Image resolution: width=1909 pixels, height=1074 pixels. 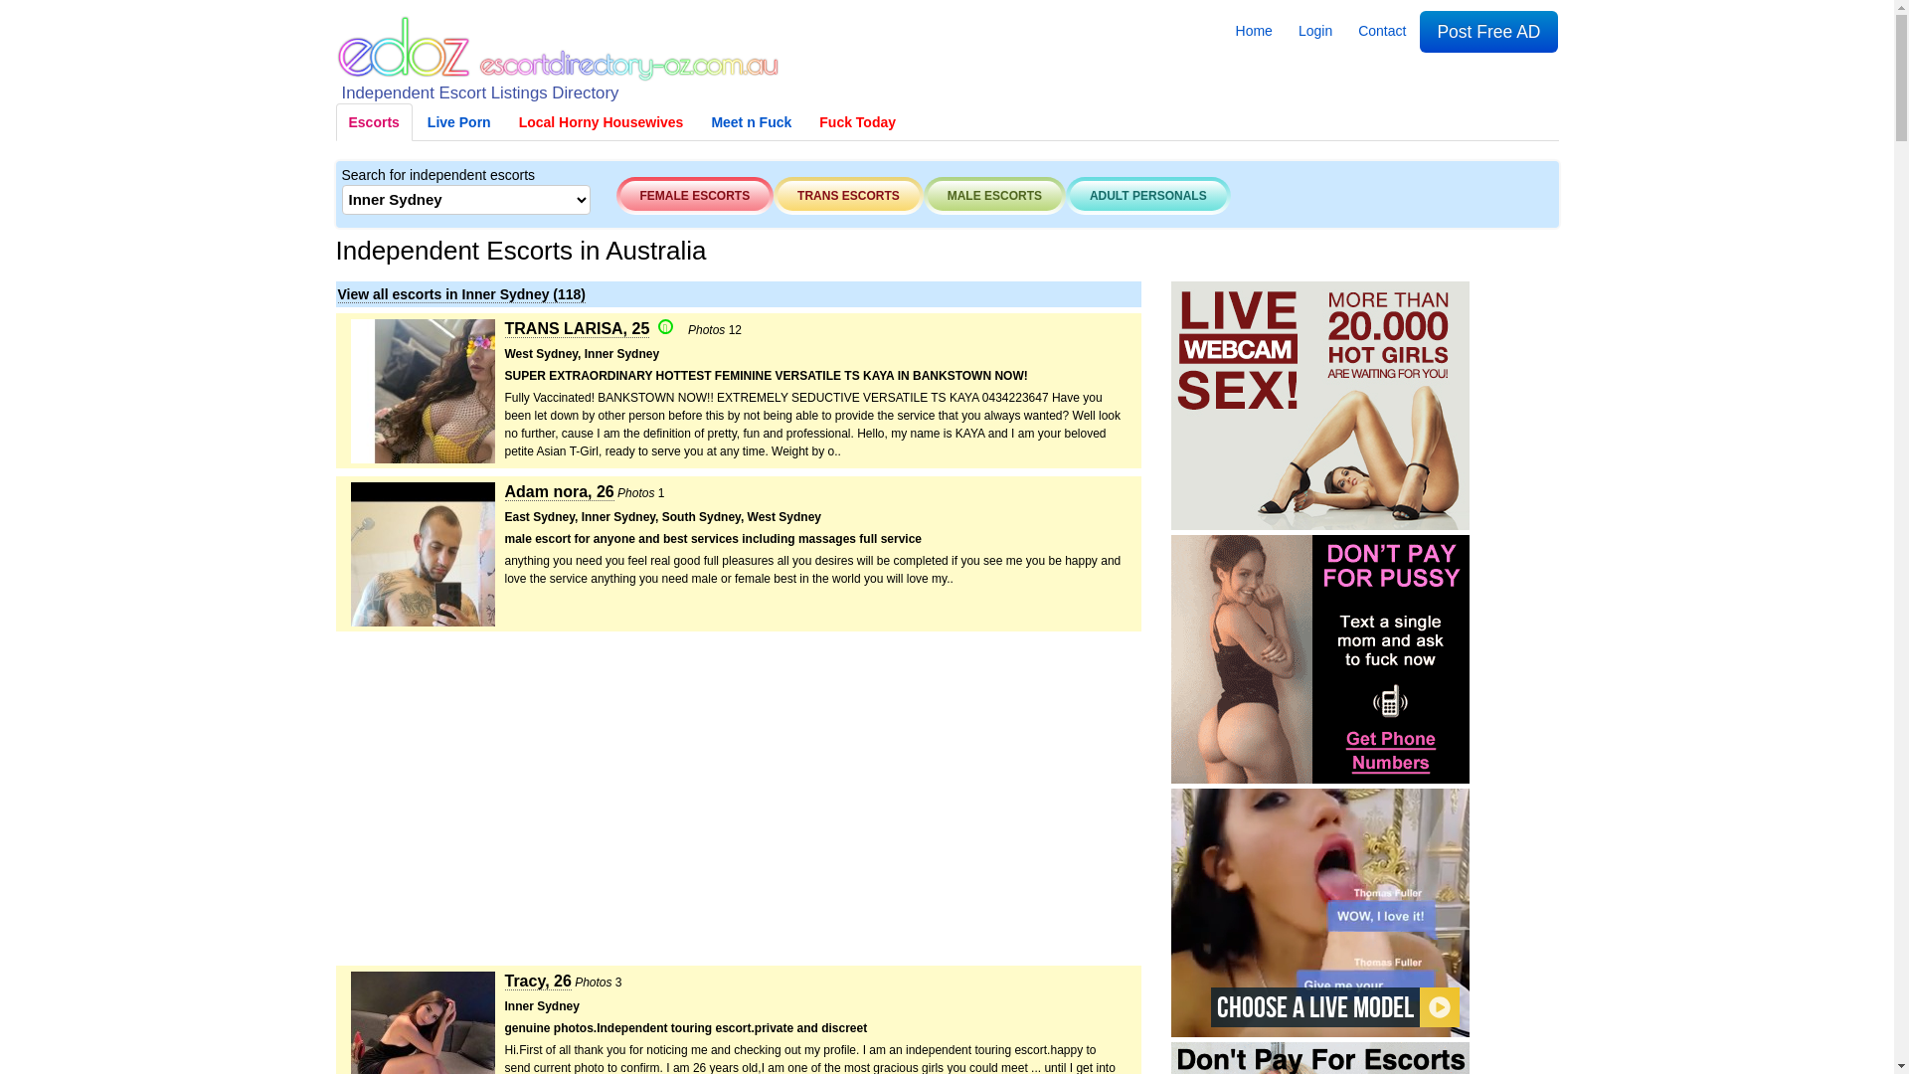 I want to click on 'MALE ESCORTS', so click(x=994, y=195).